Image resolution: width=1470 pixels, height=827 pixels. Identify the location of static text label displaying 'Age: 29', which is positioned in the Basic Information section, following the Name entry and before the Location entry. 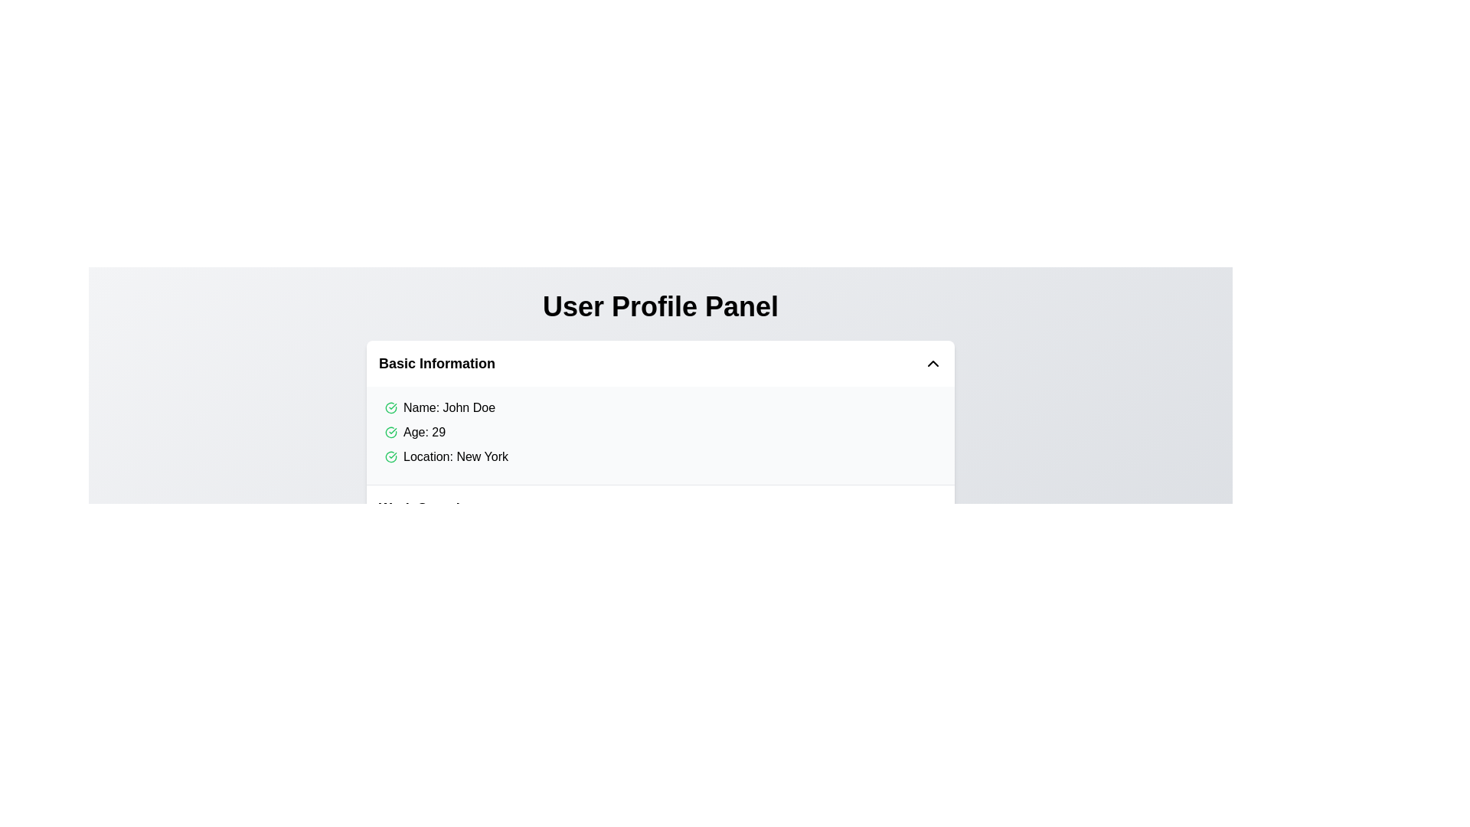
(424, 432).